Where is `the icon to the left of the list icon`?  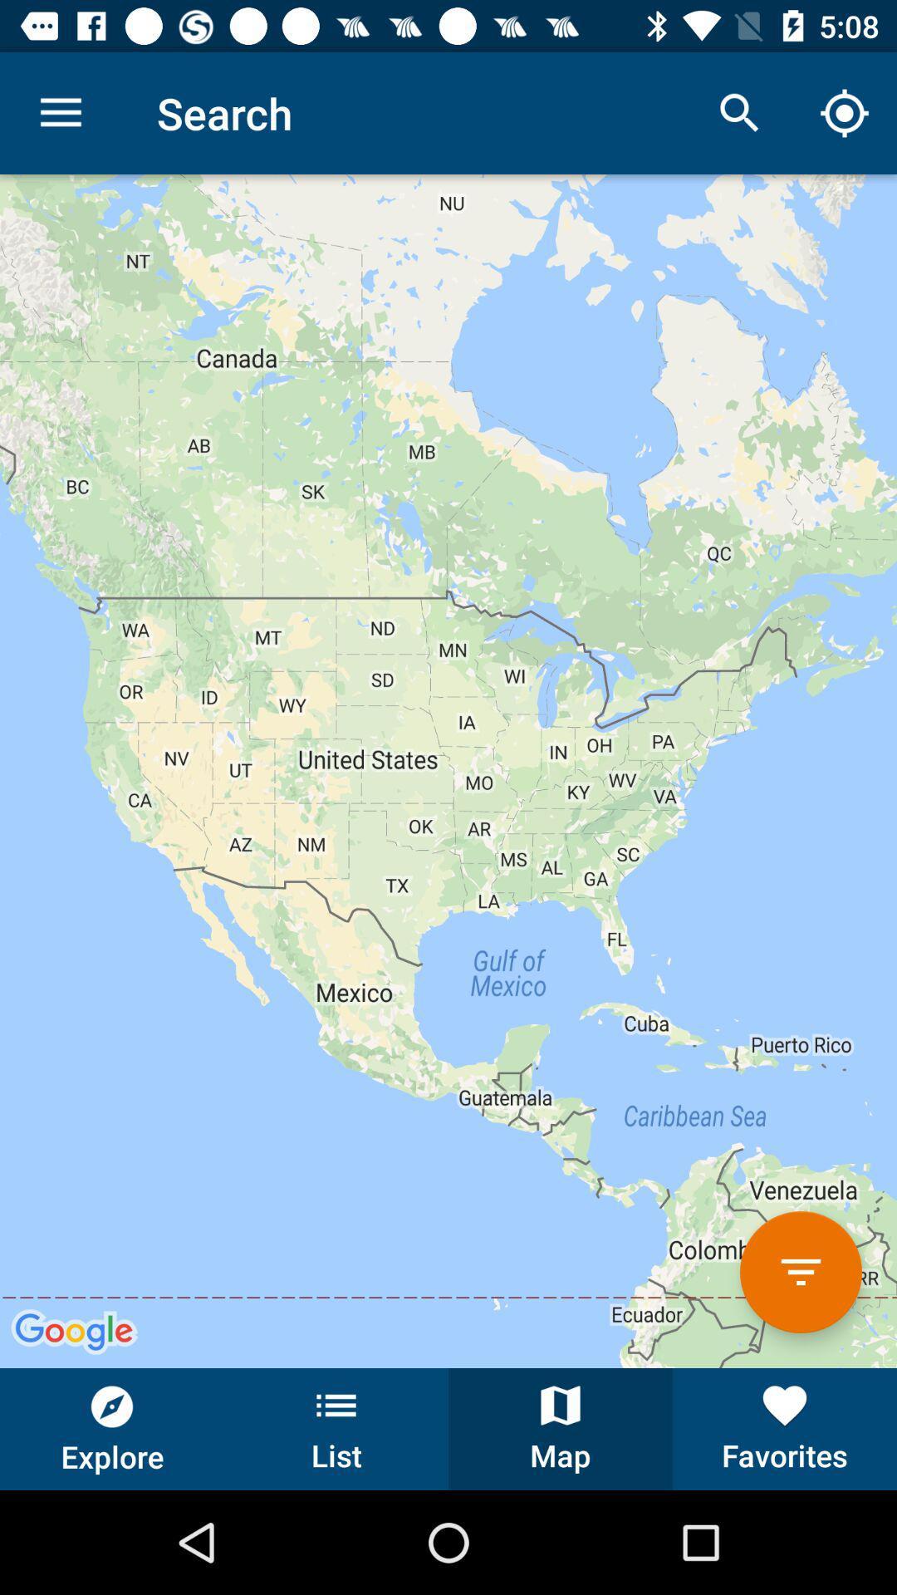 the icon to the left of the list icon is located at coordinates (112, 1428).